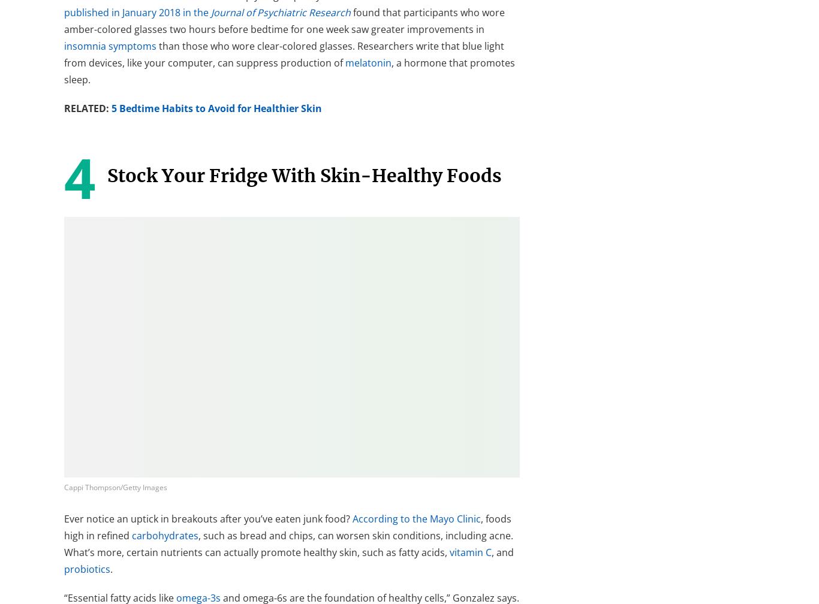  What do you see at coordinates (64, 54) in the screenshot?
I see `'than those who wore clear-colored glasses. Researchers write that blue light from devices, like your computer, can suppress production of'` at bounding box center [64, 54].